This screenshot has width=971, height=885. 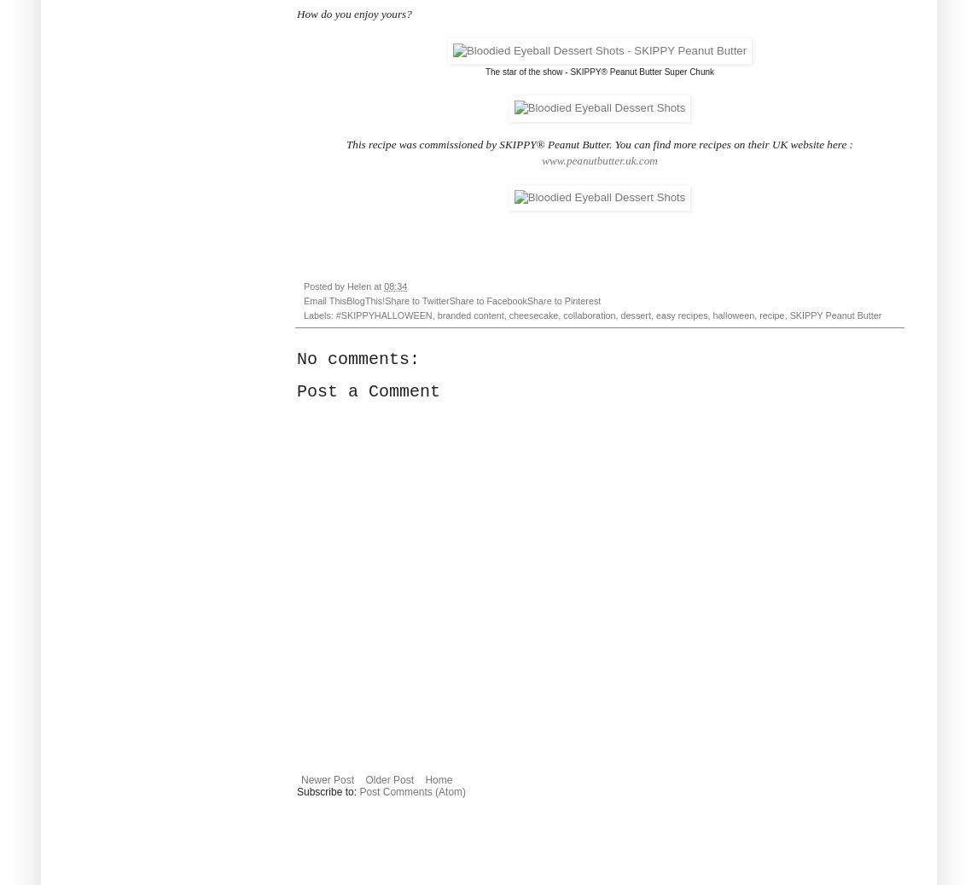 What do you see at coordinates (325, 299) in the screenshot?
I see `'Email This'` at bounding box center [325, 299].